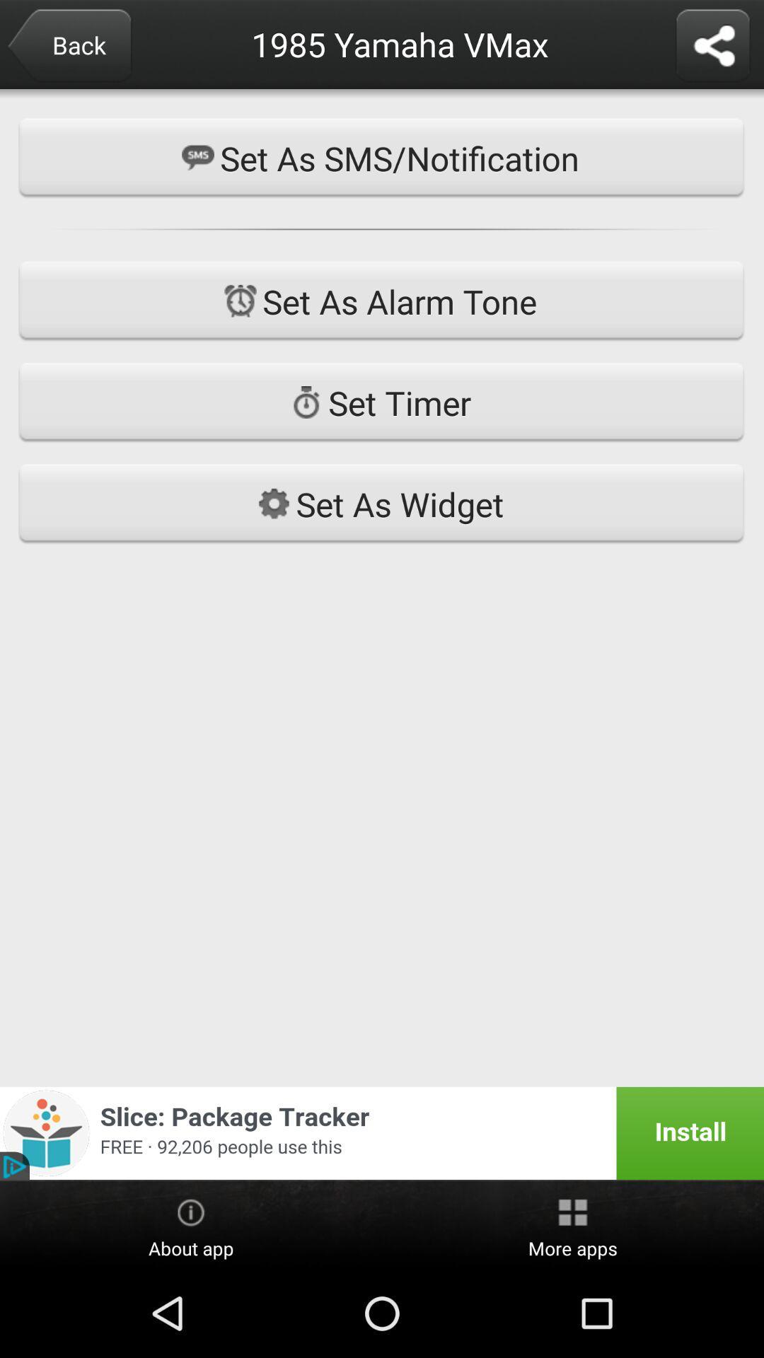 This screenshot has width=764, height=1358. Describe the element at coordinates (382, 1133) in the screenshot. I see `icon at the bottom` at that location.